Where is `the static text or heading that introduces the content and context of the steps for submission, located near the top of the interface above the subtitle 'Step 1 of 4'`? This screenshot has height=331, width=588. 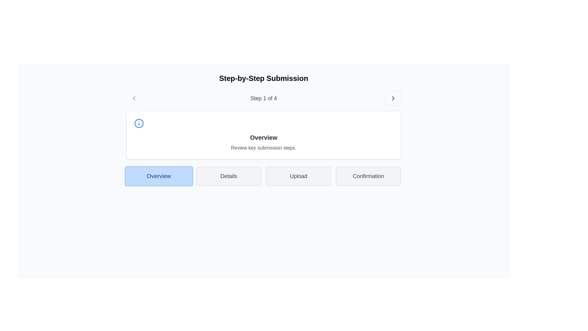 the static text or heading that introduces the content and context of the steps for submission, located near the top of the interface above the subtitle 'Step 1 of 4' is located at coordinates (263, 78).